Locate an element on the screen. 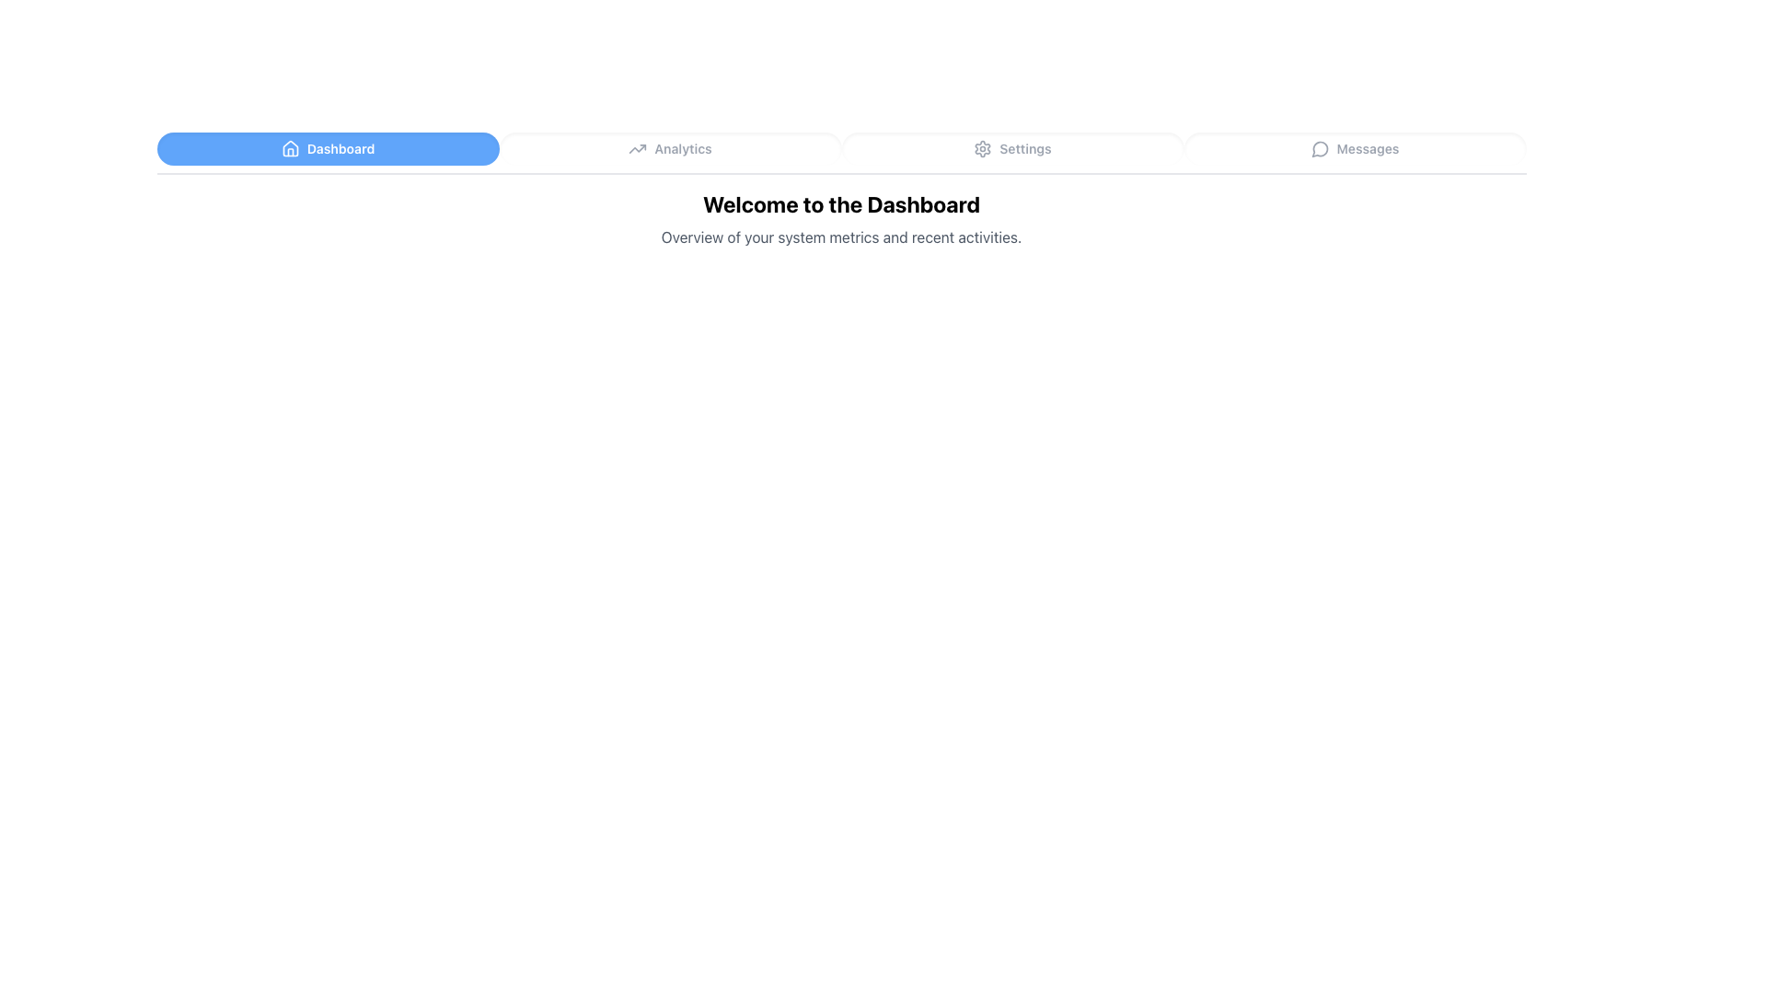  the navigational button located to the left of the 'Analytics' button is located at coordinates (328, 148).